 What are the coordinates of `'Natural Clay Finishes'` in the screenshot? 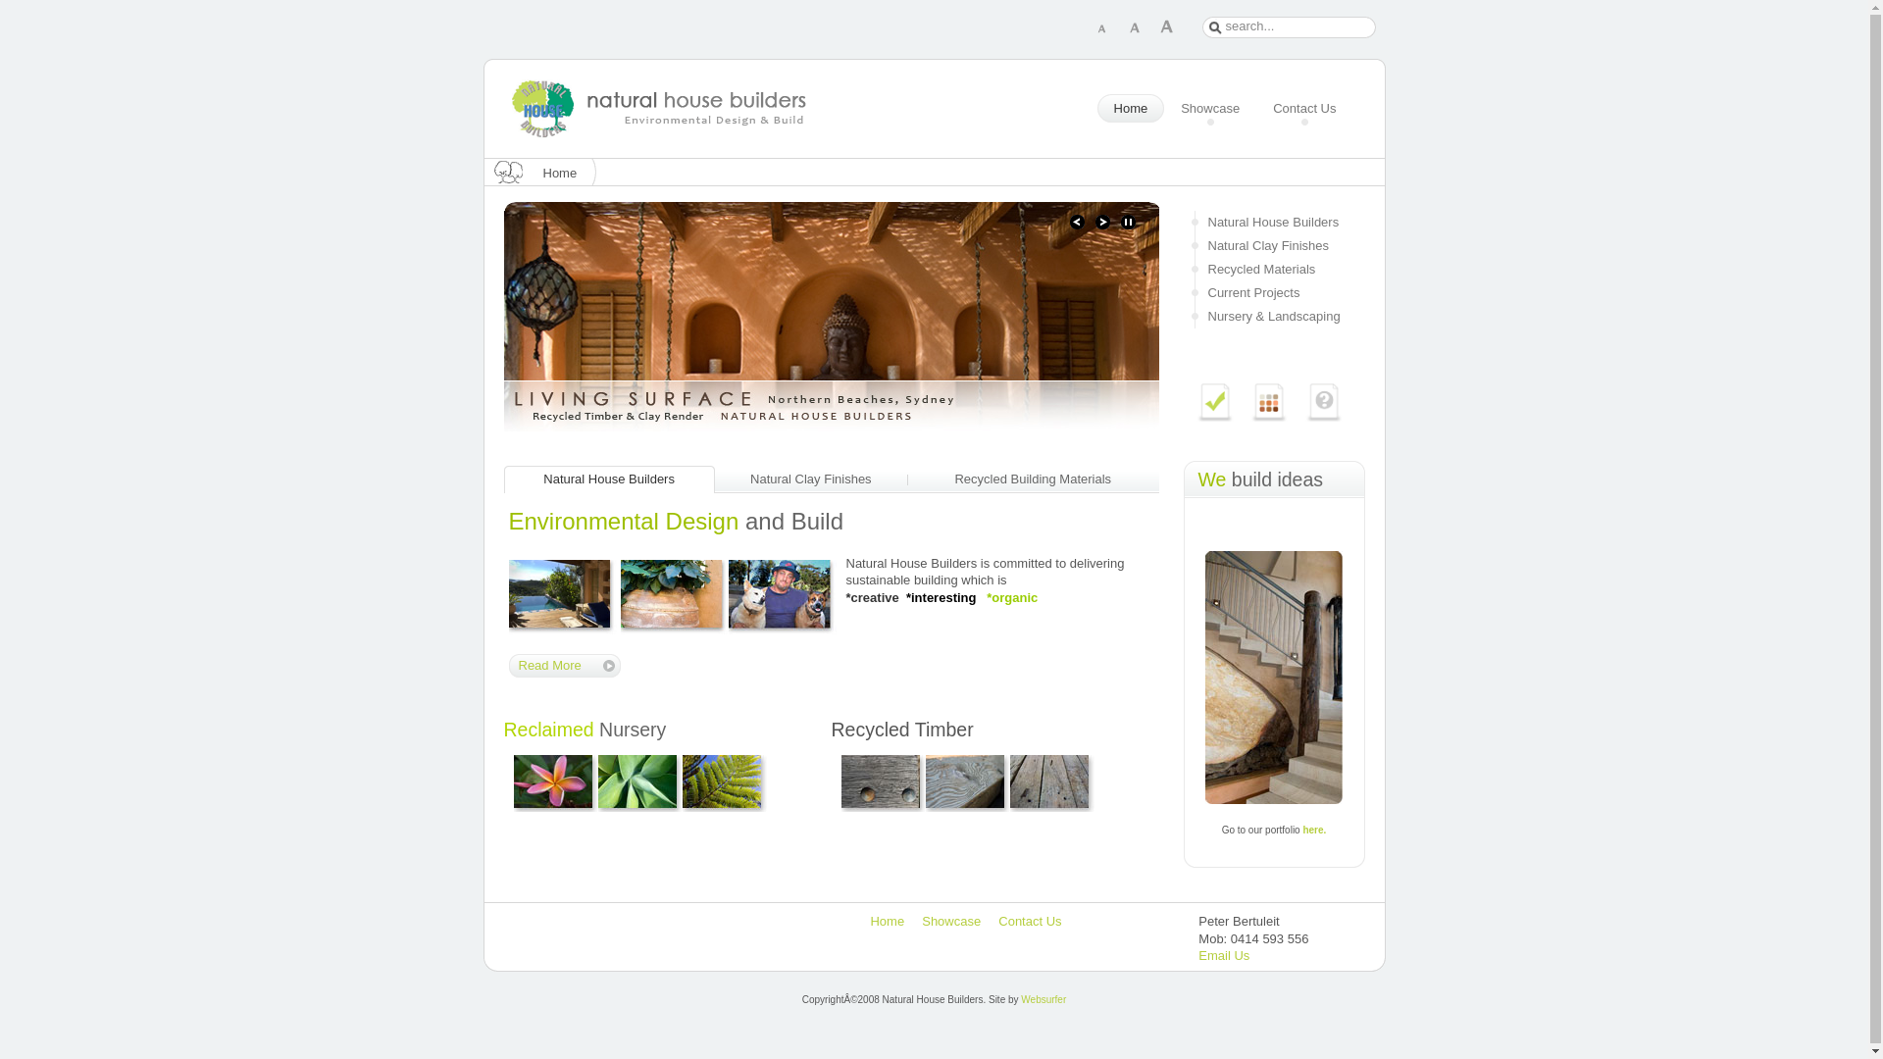 It's located at (1273, 244).